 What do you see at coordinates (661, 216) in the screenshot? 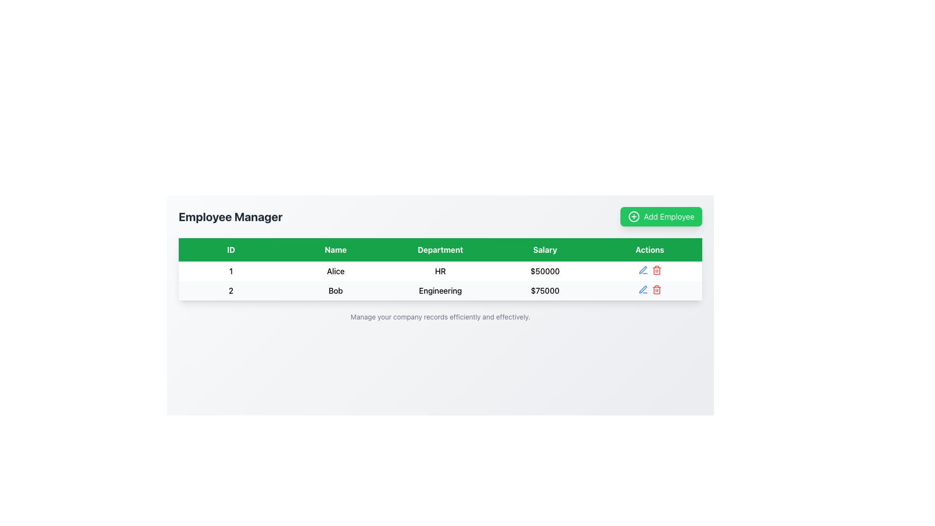
I see `the green button with the text 'Add Employee' and a plus icon, located in the upper-right corner of the 'Employee Manager' section` at bounding box center [661, 216].